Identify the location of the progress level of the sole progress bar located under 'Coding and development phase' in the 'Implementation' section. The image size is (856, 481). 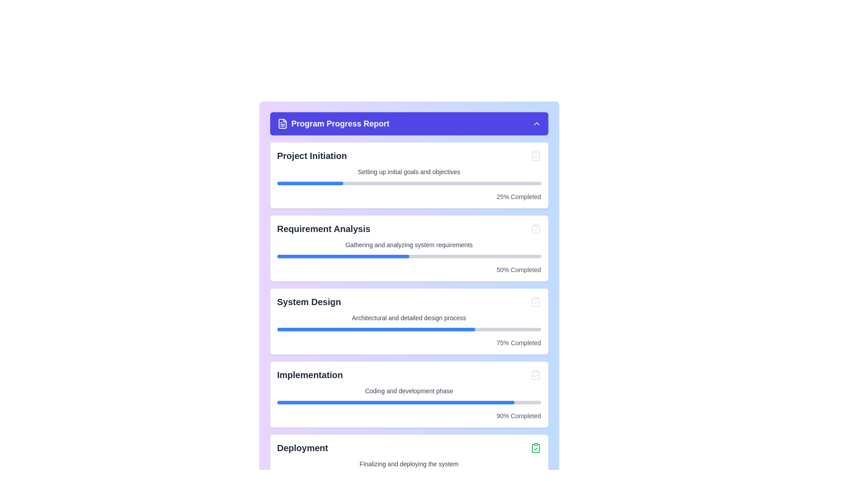
(408, 402).